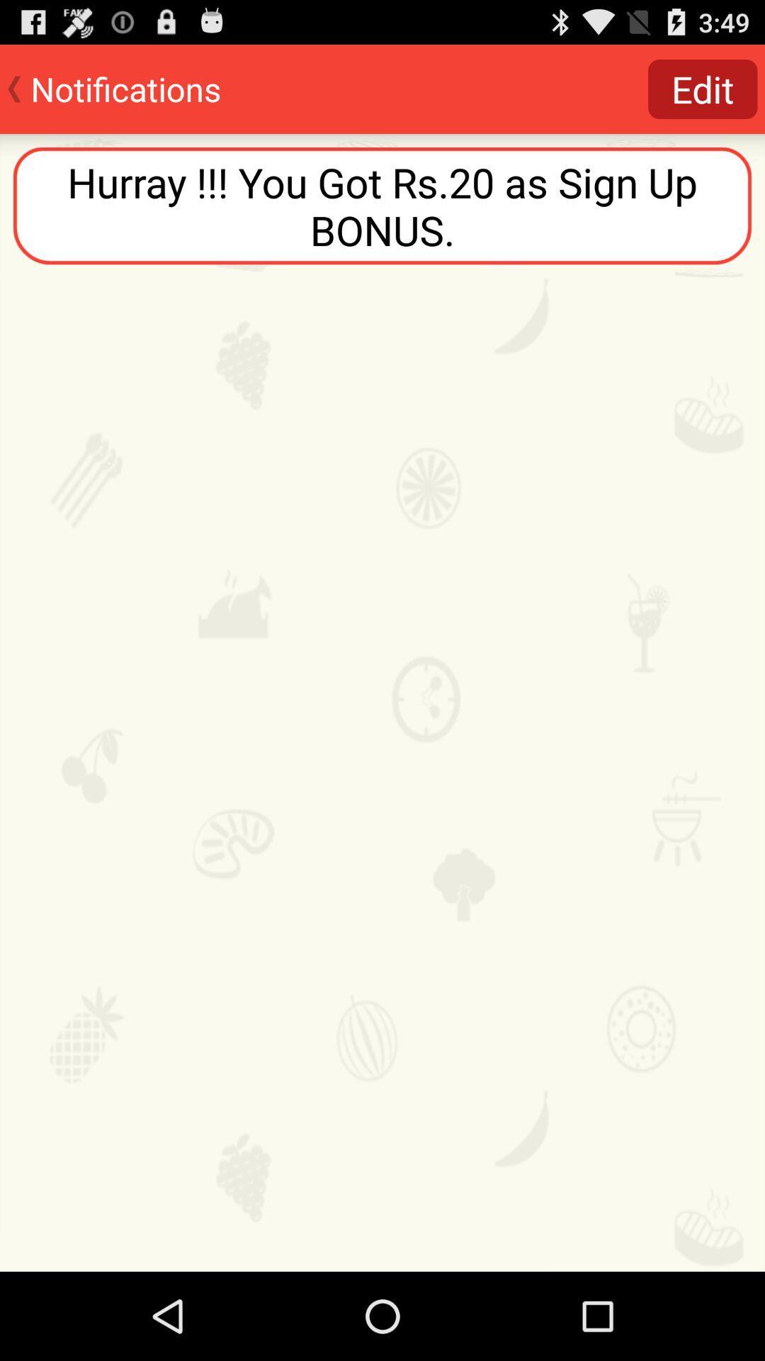  Describe the element at coordinates (382, 205) in the screenshot. I see `hurray you got item` at that location.